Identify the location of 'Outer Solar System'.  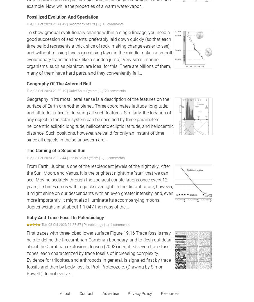
(83, 90).